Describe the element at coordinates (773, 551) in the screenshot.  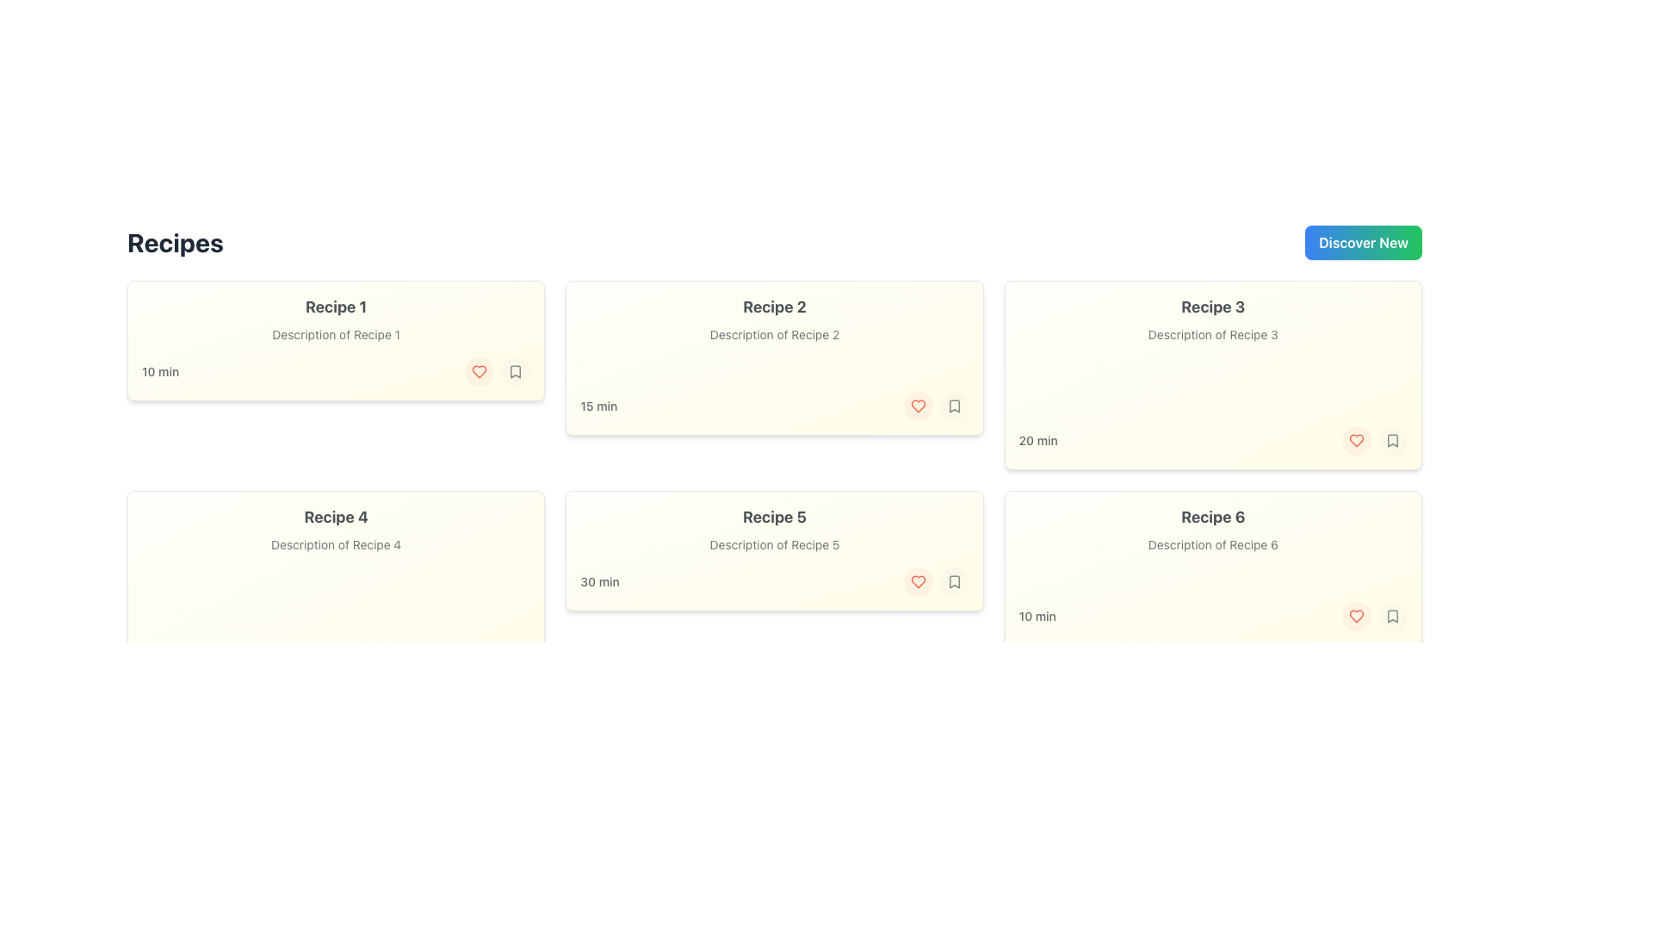
I see `the recipe card displaying the title, description, and time required for a recipe, positioned in the second row and first column of the grid layout` at that location.